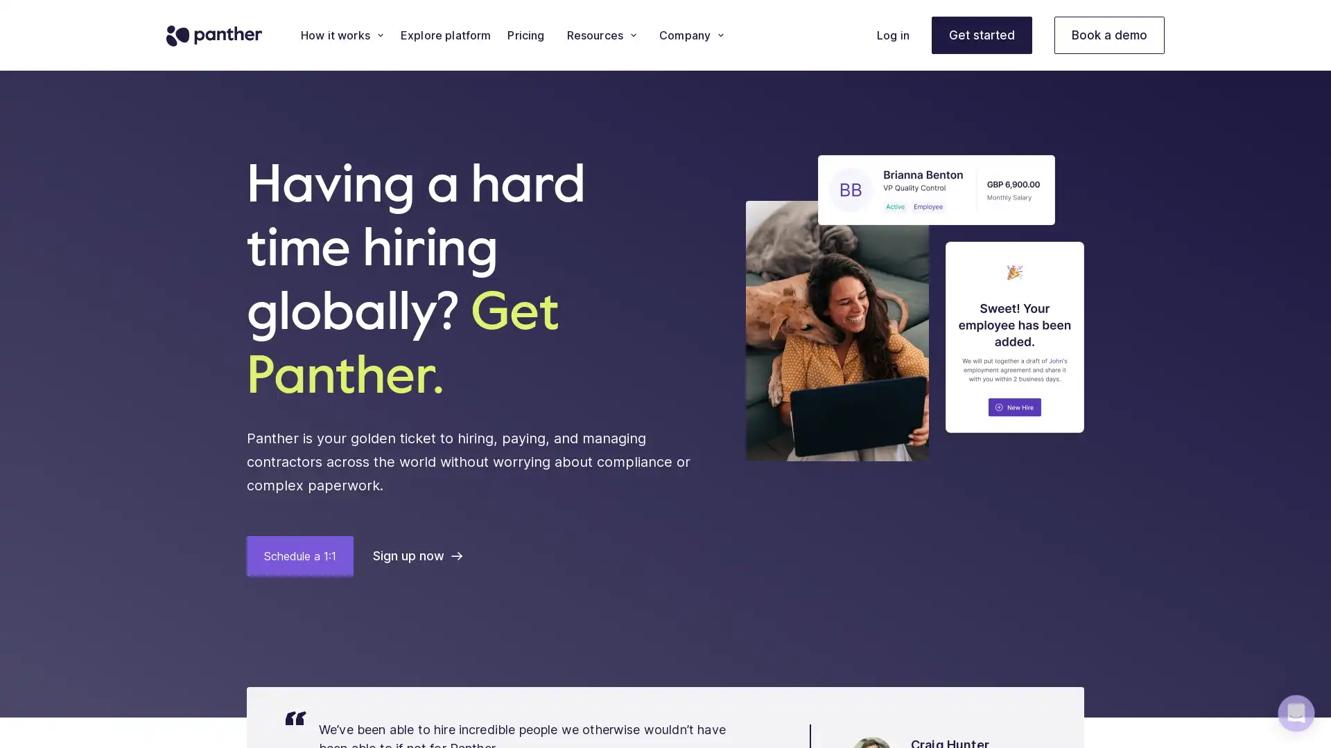  I want to click on Open Intercom Messenger, so click(1296, 713).